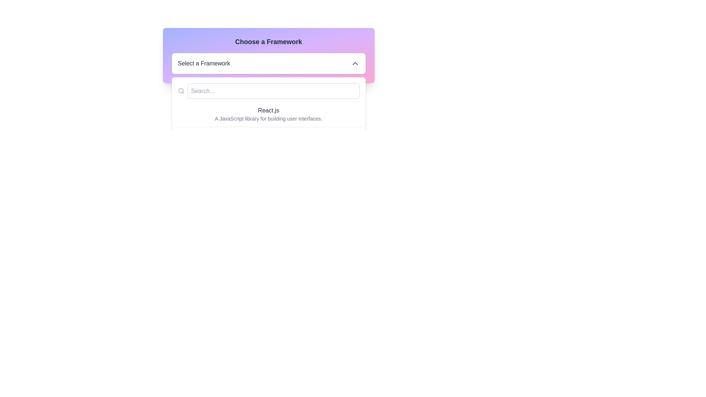  Describe the element at coordinates (268, 110) in the screenshot. I see `the Static Text Label displaying 'React.js' in bold dark gray font, positioned centrally below the search bar and title` at that location.